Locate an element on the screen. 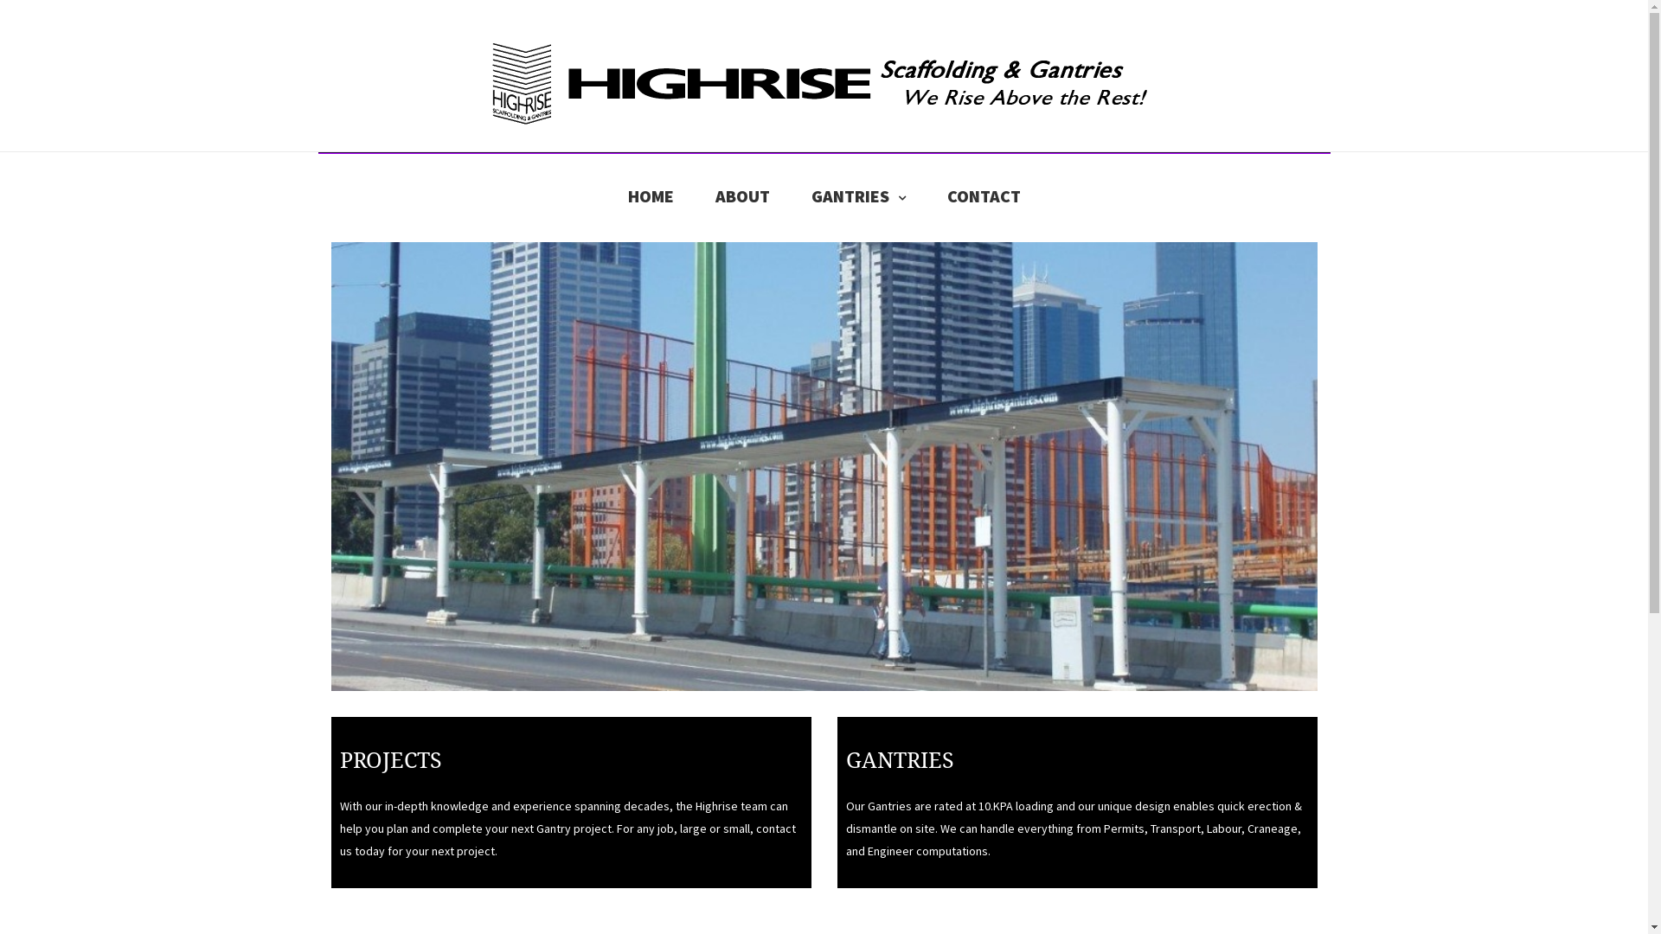 The width and height of the screenshot is (1661, 934). 'HOME' is located at coordinates (626, 195).